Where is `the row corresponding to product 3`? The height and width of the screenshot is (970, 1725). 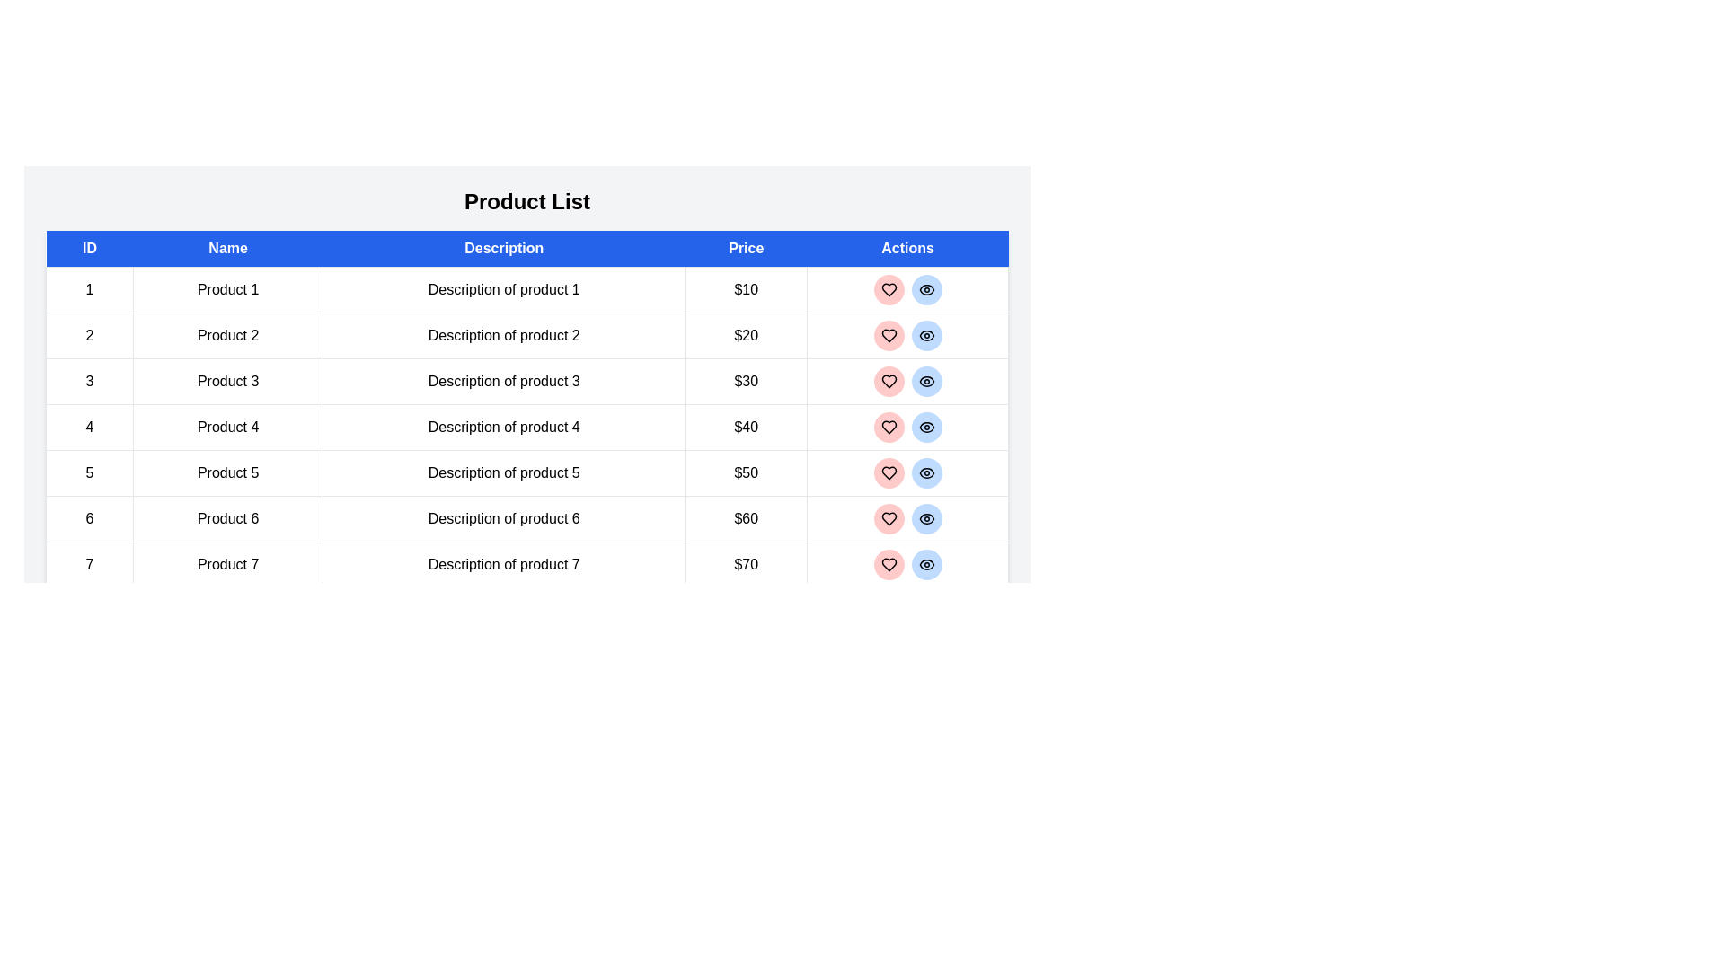
the row corresponding to product 3 is located at coordinates (526, 380).